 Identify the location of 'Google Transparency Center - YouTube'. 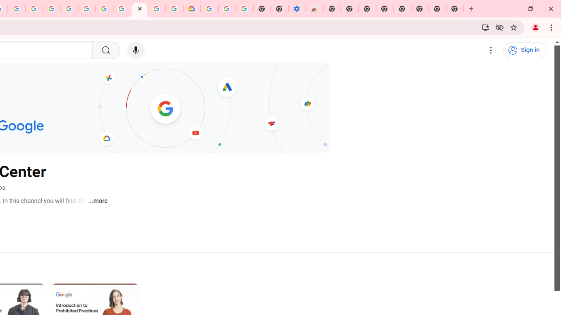
(139, 9).